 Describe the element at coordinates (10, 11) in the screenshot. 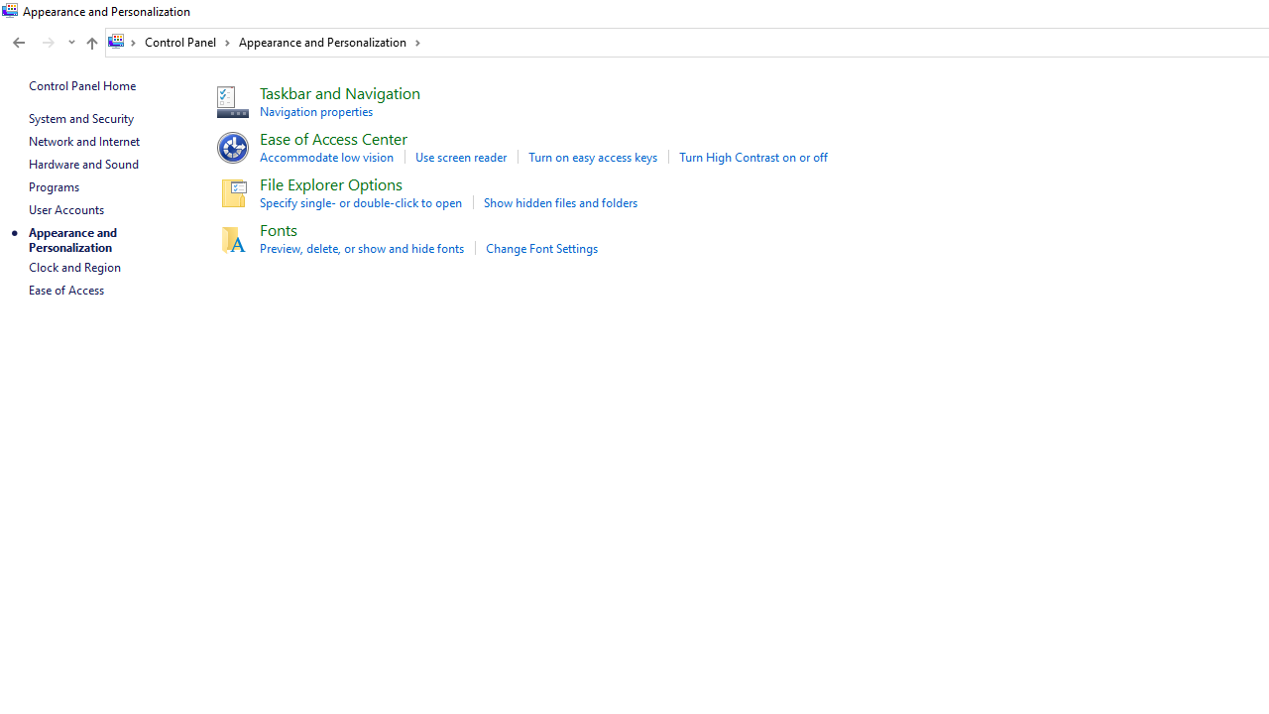

I see `'System'` at that location.